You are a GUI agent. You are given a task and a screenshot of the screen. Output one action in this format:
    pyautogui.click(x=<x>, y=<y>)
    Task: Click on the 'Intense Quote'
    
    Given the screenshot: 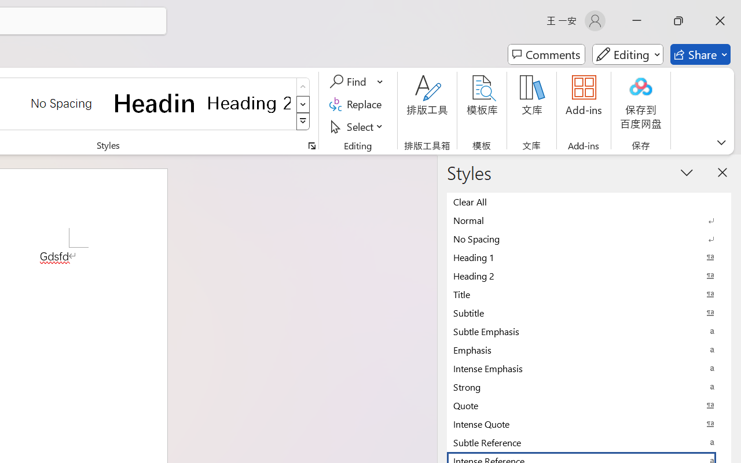 What is the action you would take?
    pyautogui.click(x=589, y=423)
    